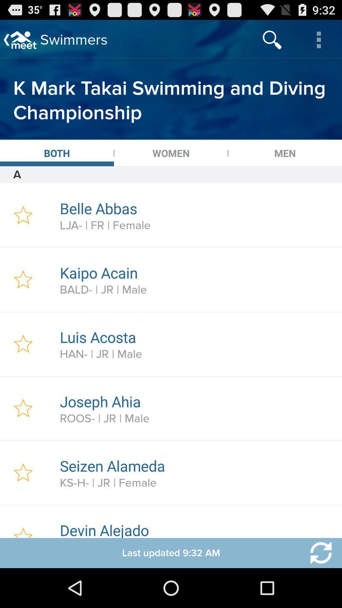 This screenshot has width=342, height=608. I want to click on the item above the roos- | jr | male item, so click(197, 401).